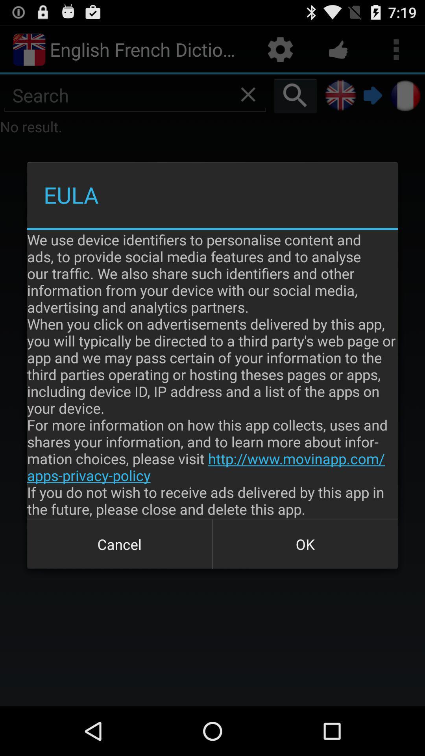 The image size is (425, 756). I want to click on item at the center, so click(213, 374).